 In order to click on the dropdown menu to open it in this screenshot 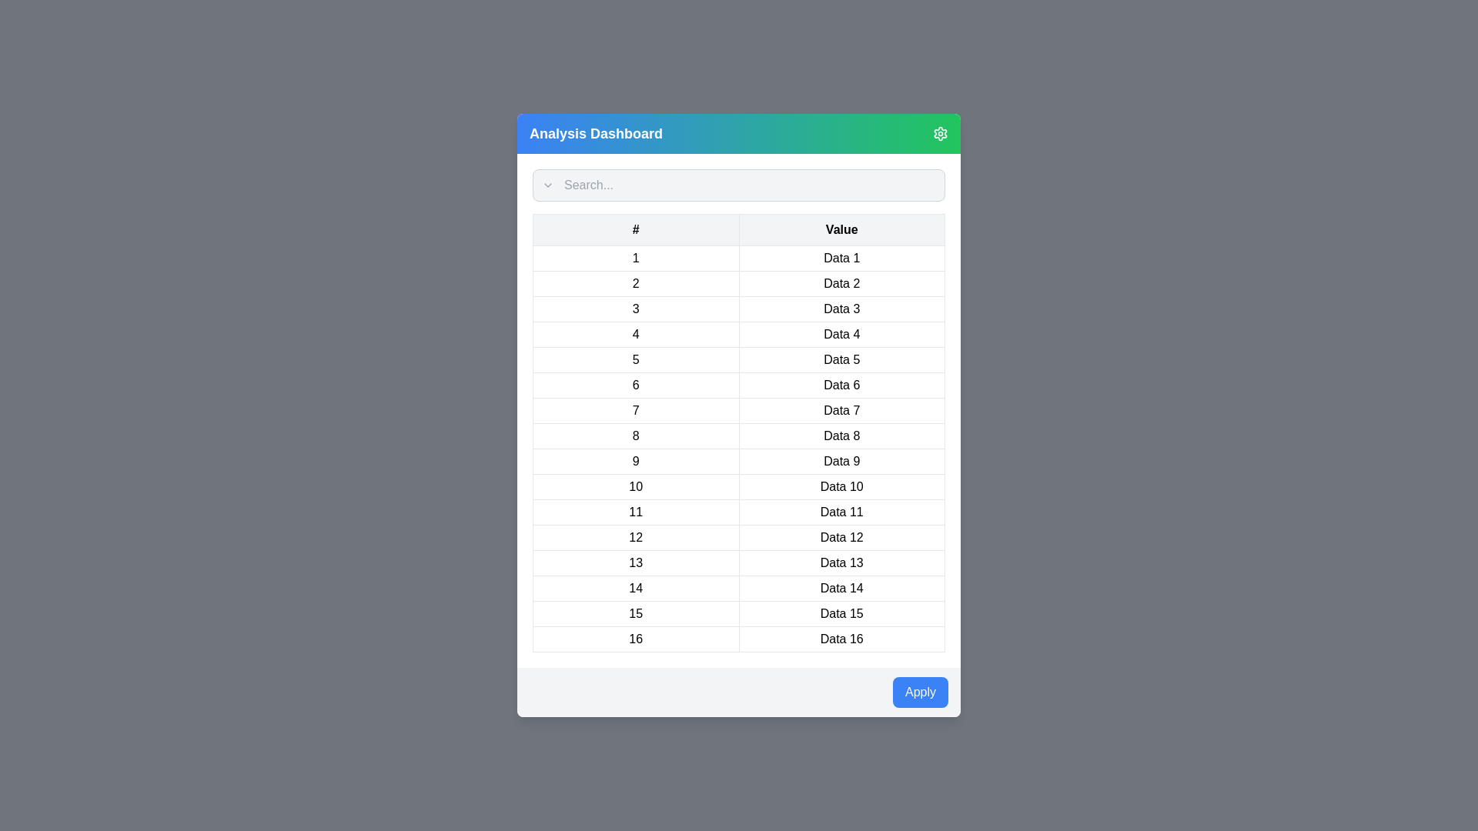, I will do `click(547, 184)`.